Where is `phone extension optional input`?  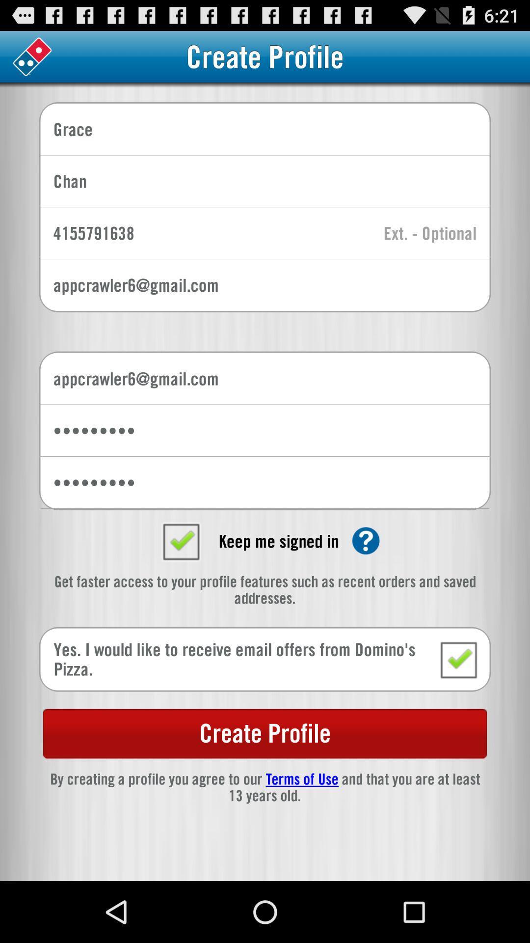 phone extension optional input is located at coordinates (429, 233).